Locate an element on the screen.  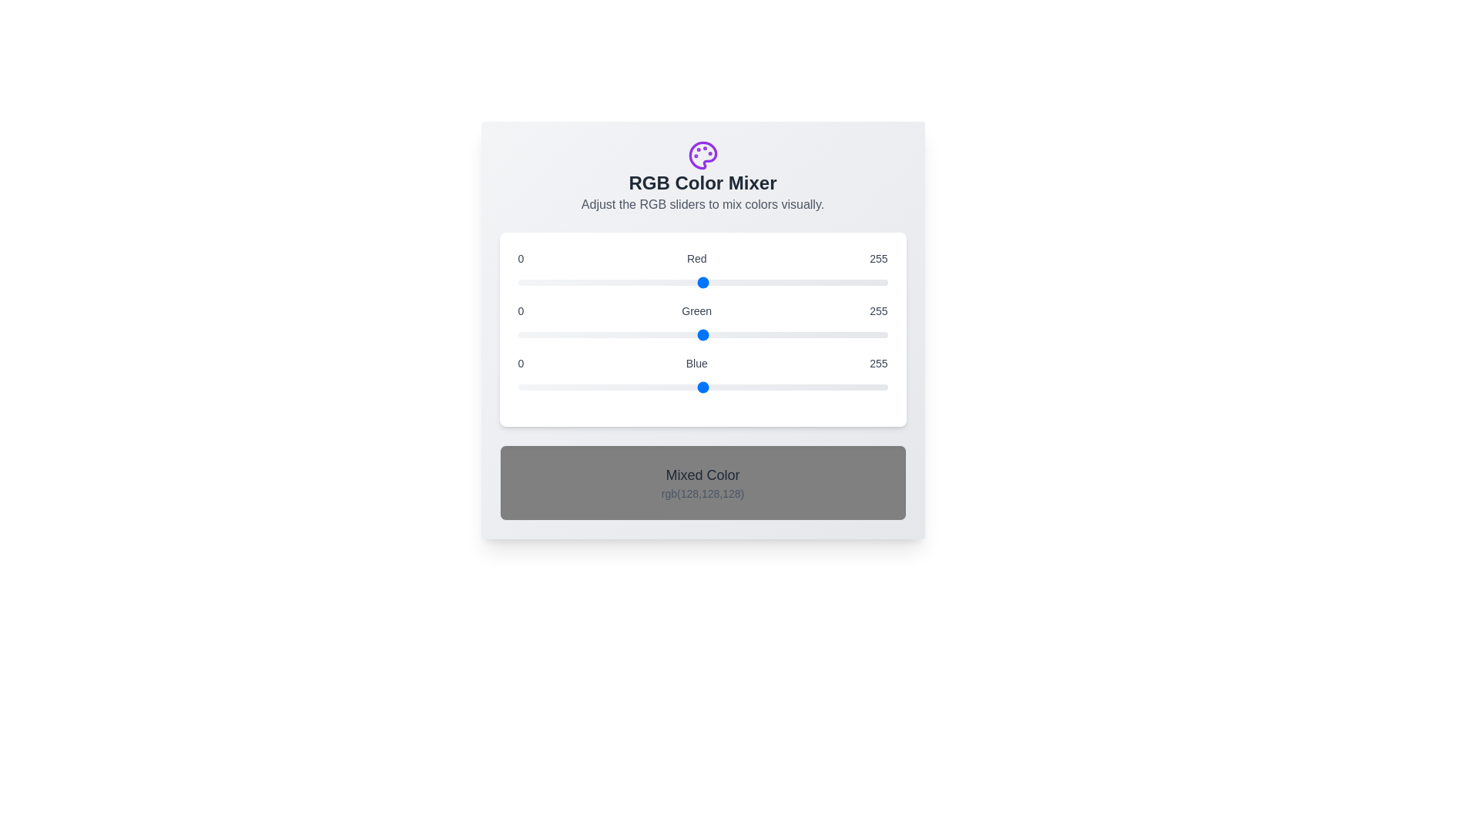
the 0 slider to the value 197 to observe the resulting mixed color is located at coordinates (702, 282).